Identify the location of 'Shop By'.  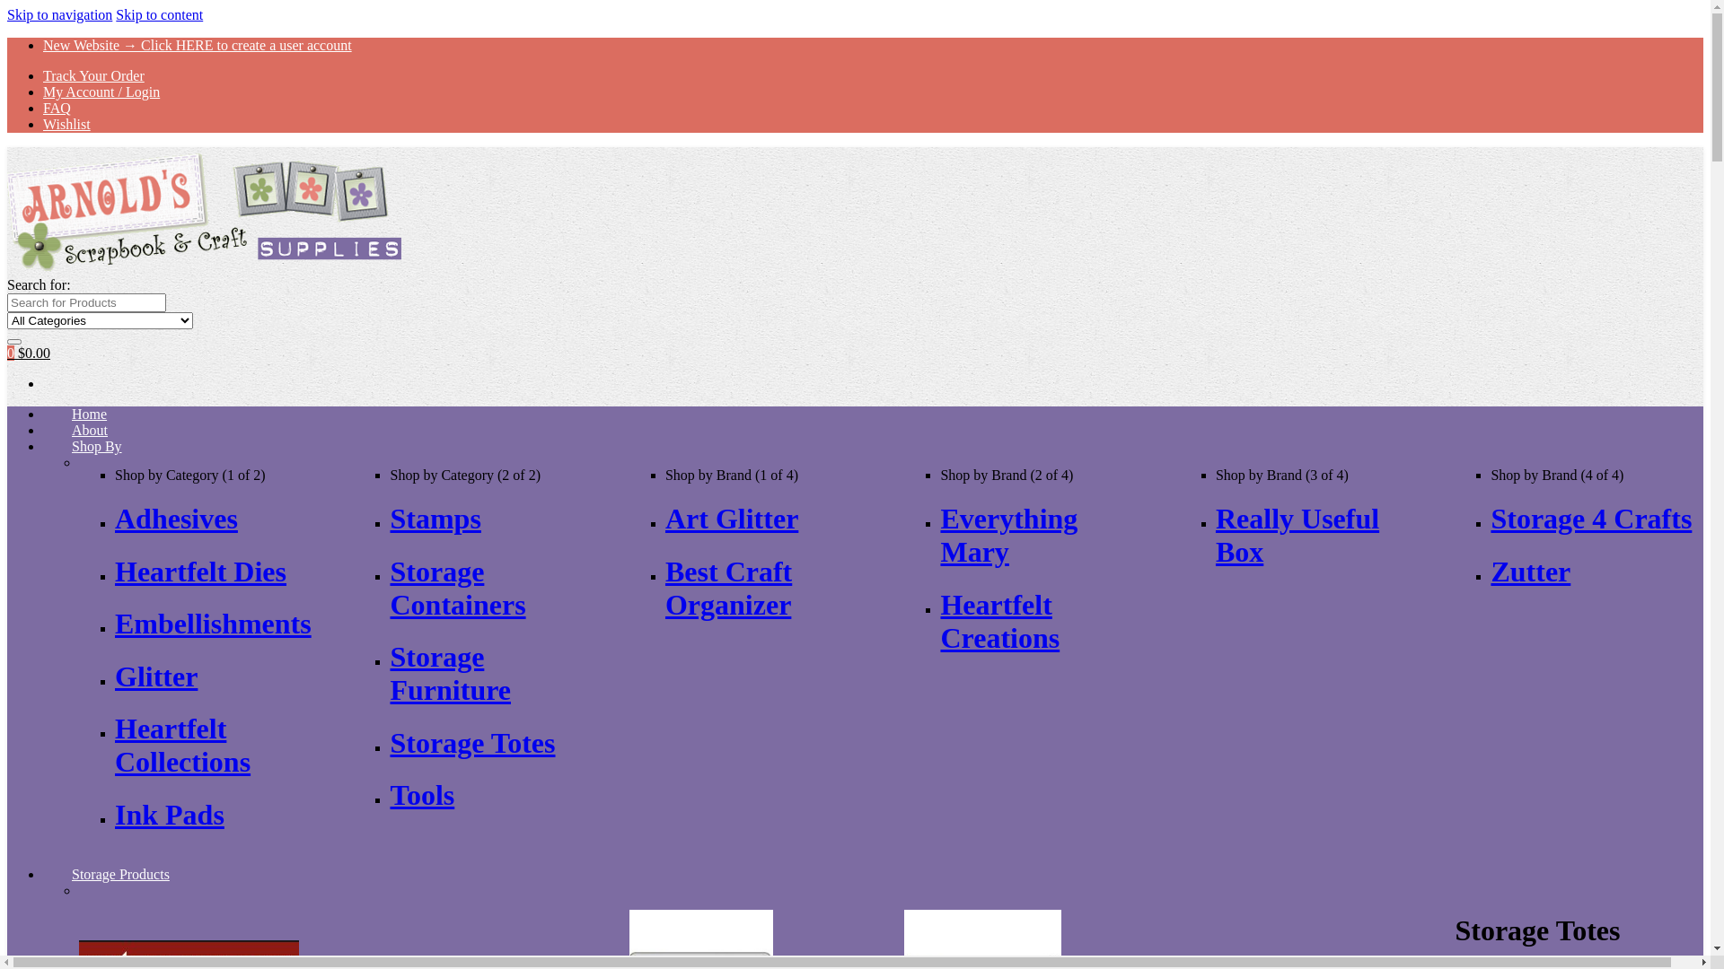
(43, 445).